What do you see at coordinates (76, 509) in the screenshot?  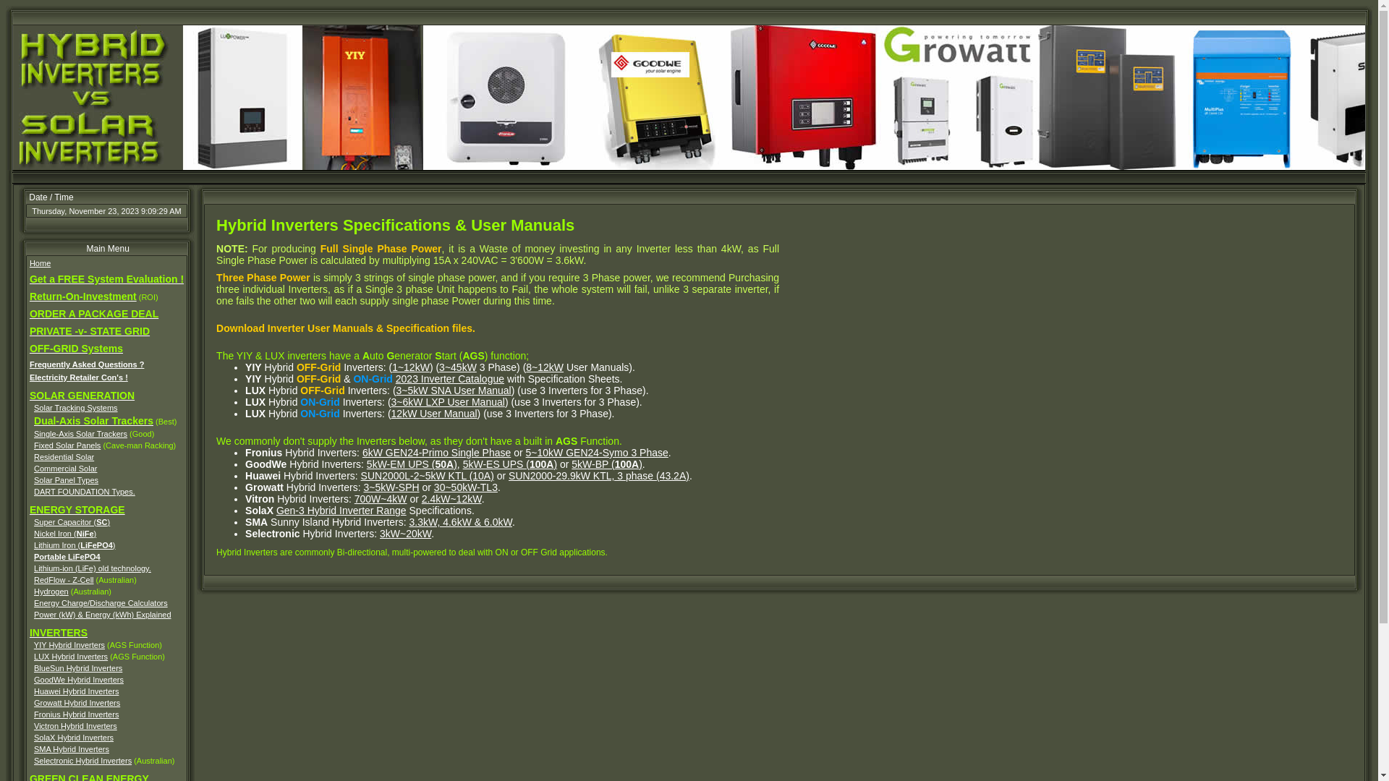 I see `'ENERGY STORAGE'` at bounding box center [76, 509].